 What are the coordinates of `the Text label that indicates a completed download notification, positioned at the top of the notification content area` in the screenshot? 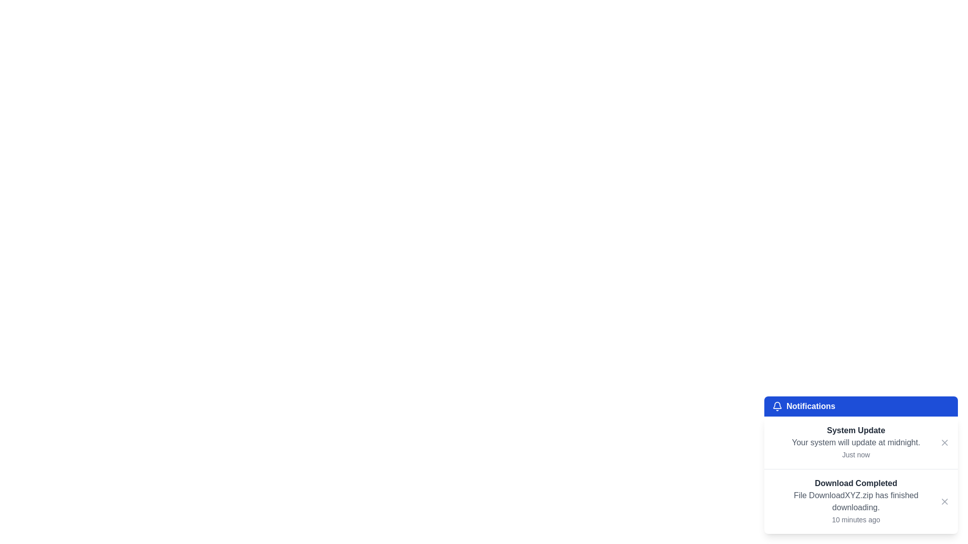 It's located at (856, 483).